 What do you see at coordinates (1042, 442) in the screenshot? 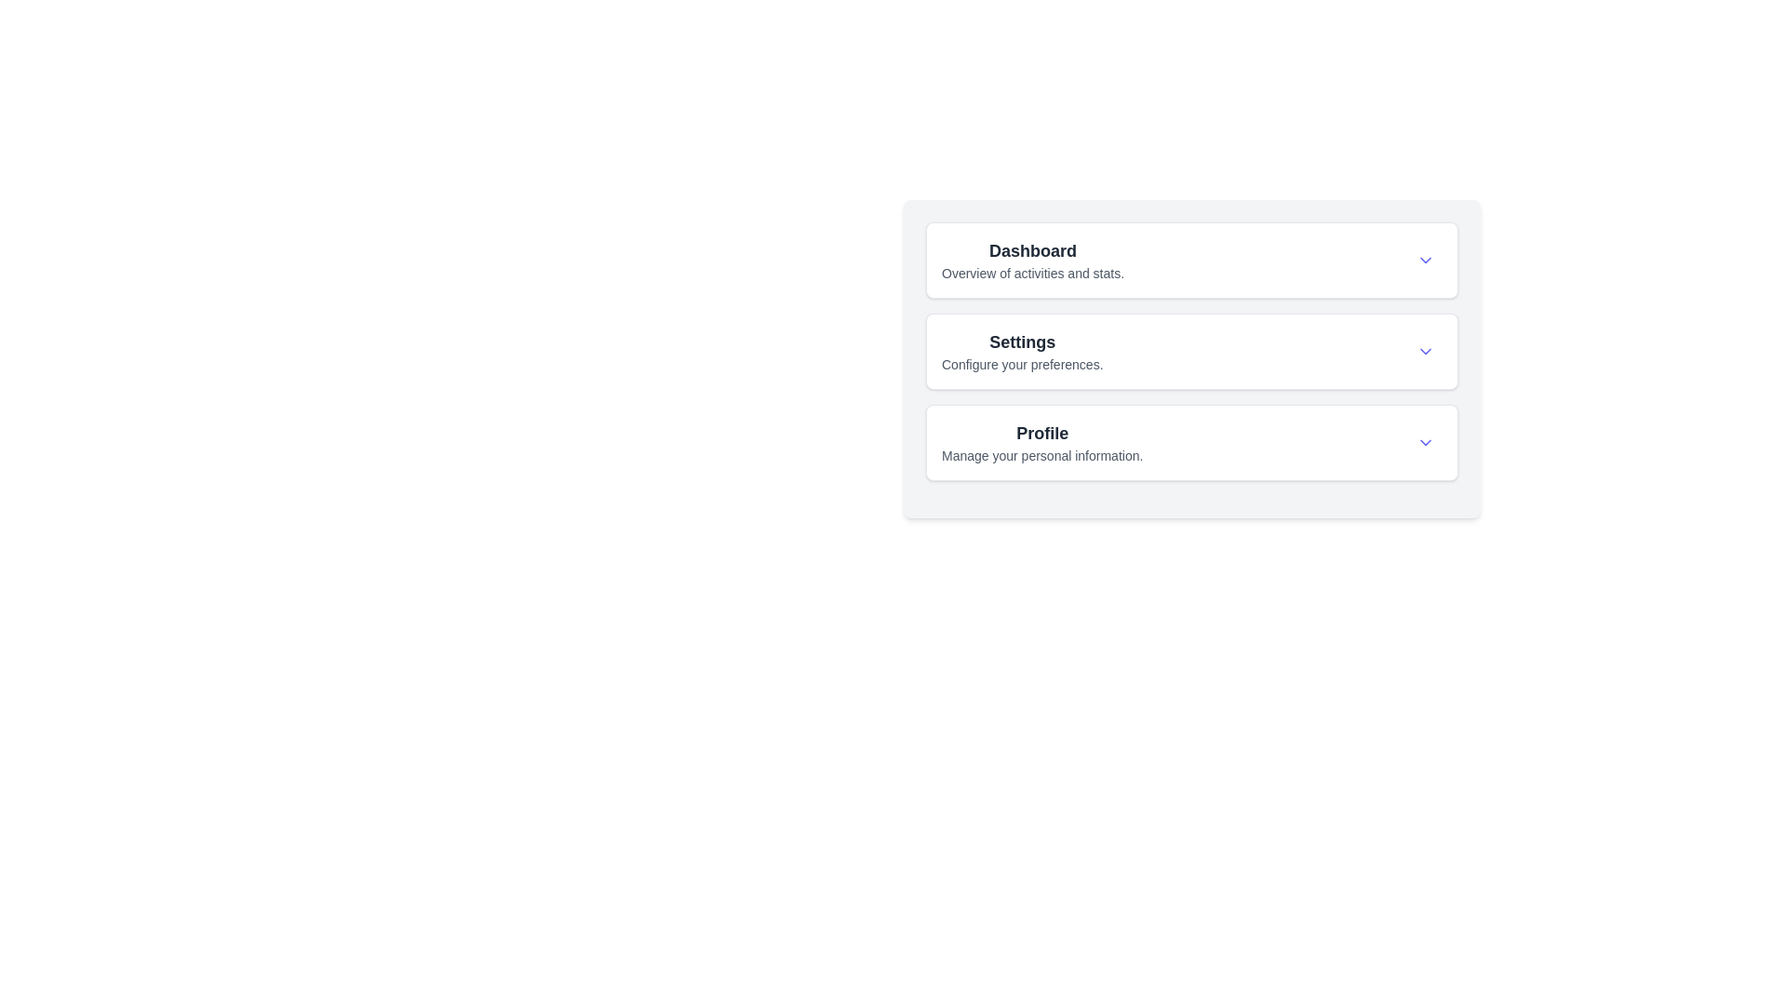
I see `the 'Profile' text label and description pair, which is the third option in the vertical list of the navigational panel, featuring bold 'Profile' text and a description below it` at bounding box center [1042, 442].